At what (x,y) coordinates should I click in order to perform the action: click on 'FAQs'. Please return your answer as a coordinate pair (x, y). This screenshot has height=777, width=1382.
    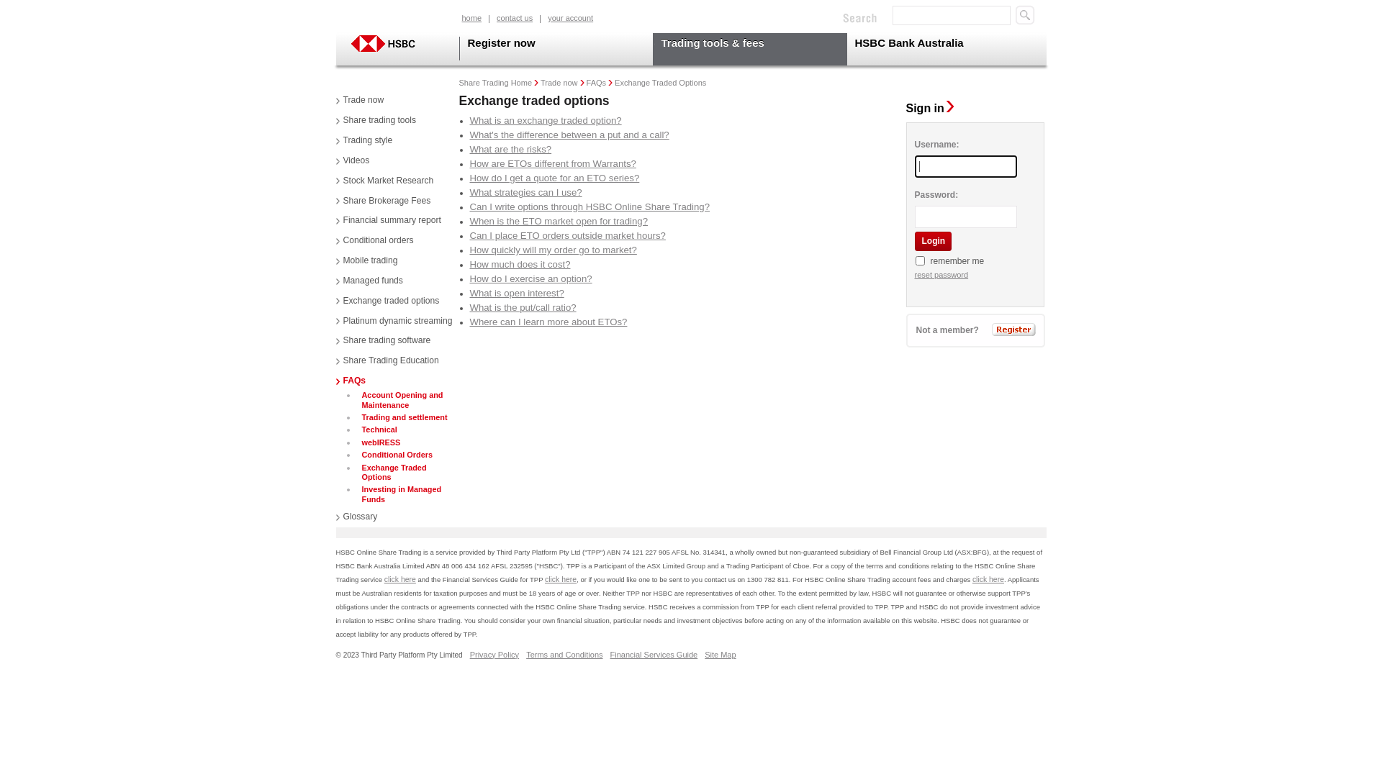
    Looking at the image, I should click on (350, 380).